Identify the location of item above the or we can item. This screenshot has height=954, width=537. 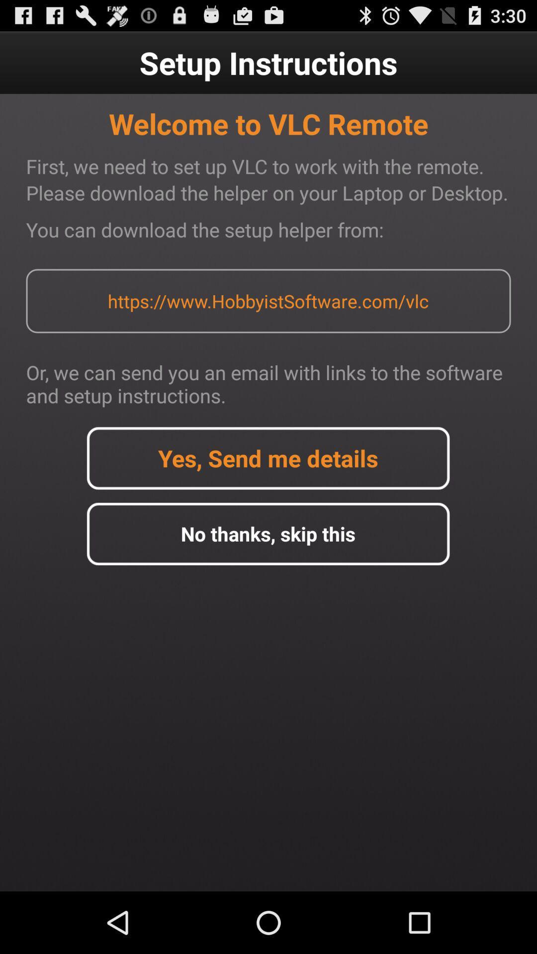
(268, 300).